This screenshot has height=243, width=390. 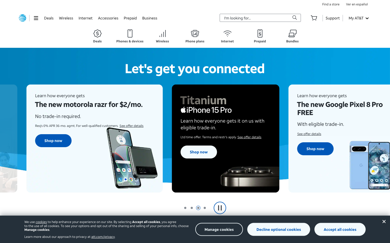 I want to click on Check the deal for motorola razr, so click(x=51, y=145).